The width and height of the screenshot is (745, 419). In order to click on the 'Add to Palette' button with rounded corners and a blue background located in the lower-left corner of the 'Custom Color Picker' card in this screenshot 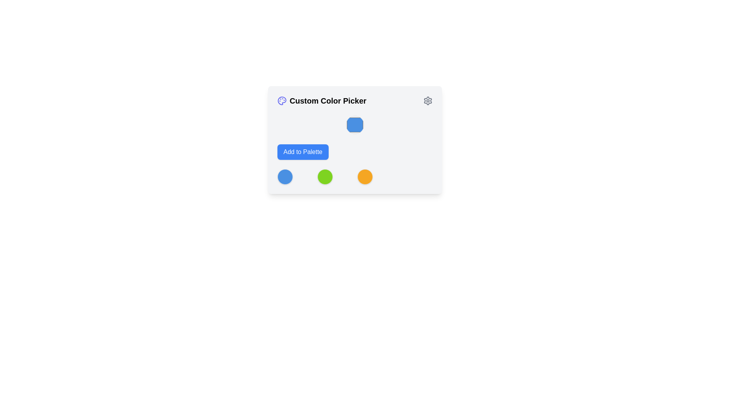, I will do `click(302, 152)`.